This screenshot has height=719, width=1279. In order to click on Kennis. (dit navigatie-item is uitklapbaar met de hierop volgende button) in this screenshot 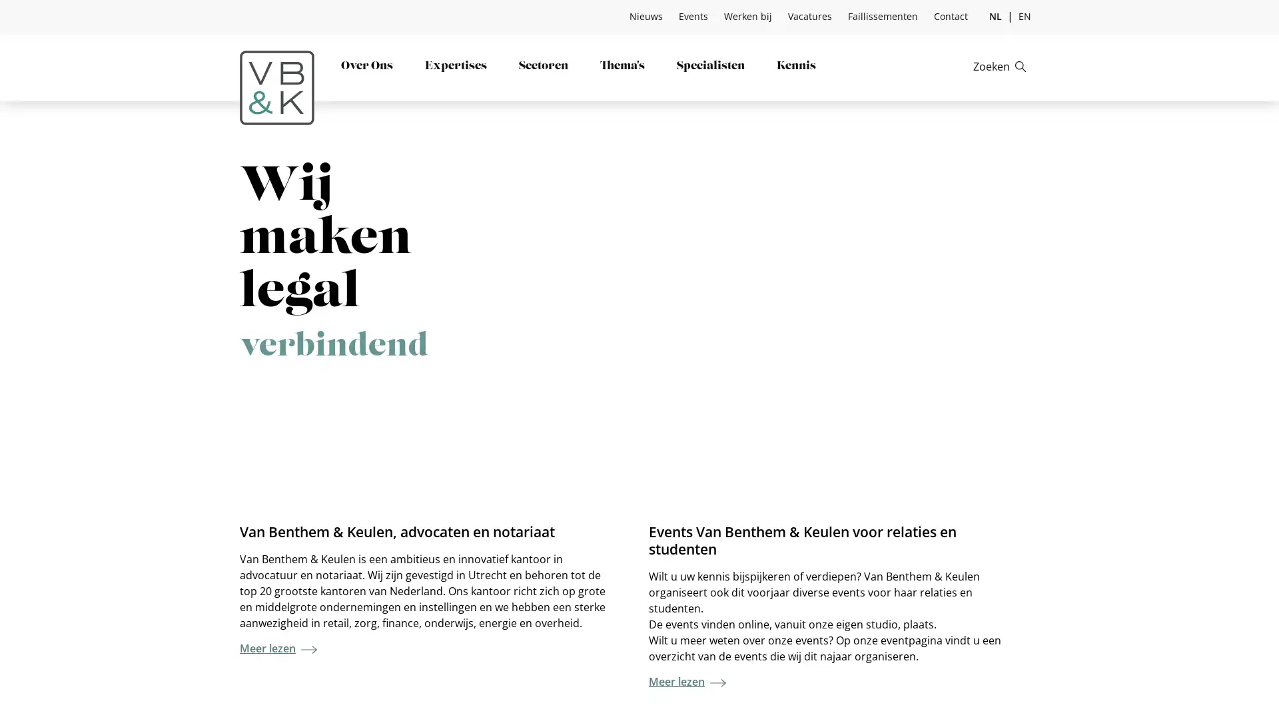, I will do `click(796, 67)`.